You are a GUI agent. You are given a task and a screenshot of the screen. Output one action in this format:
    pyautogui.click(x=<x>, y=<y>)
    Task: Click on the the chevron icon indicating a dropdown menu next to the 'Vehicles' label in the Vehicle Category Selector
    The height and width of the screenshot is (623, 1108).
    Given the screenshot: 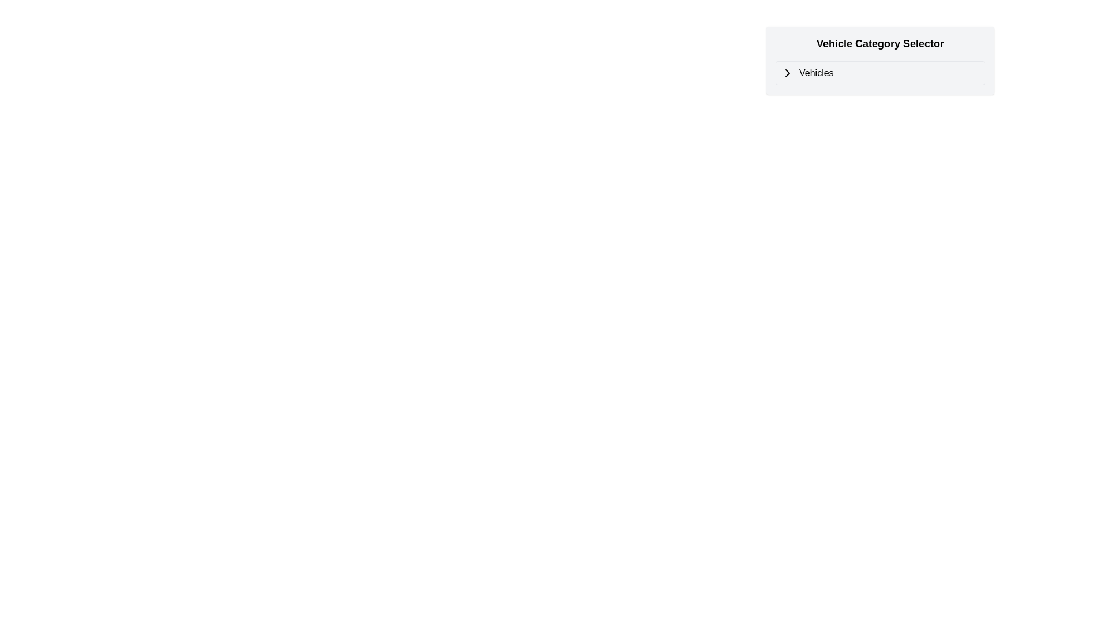 What is the action you would take?
    pyautogui.click(x=787, y=73)
    